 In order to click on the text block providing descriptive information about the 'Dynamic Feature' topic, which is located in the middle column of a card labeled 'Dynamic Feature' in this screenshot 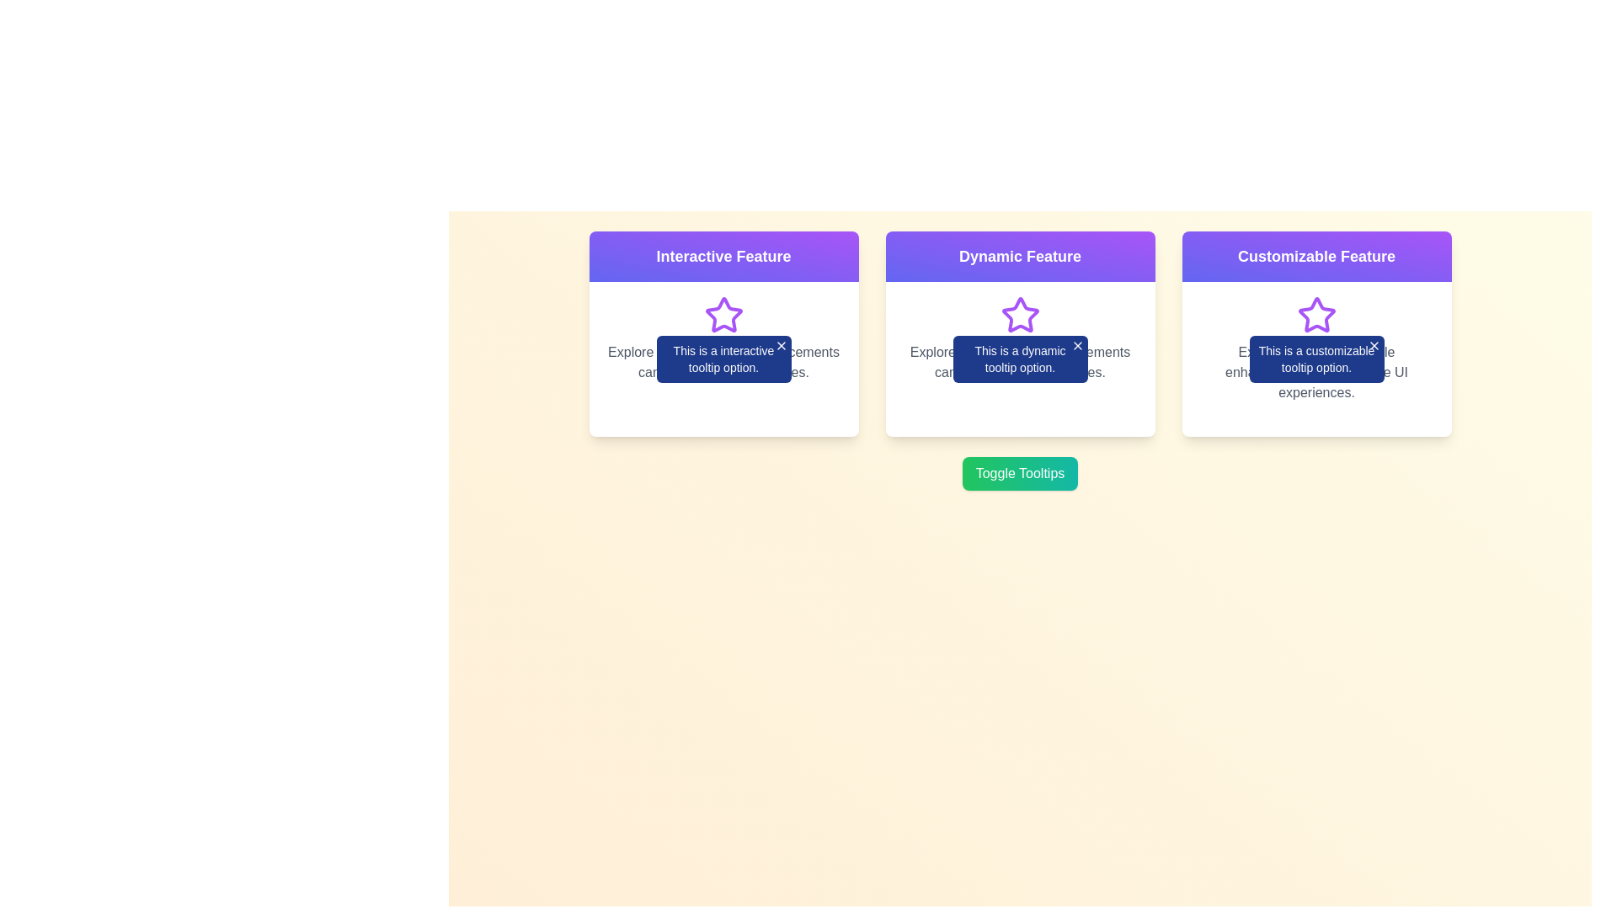, I will do `click(1019, 338)`.